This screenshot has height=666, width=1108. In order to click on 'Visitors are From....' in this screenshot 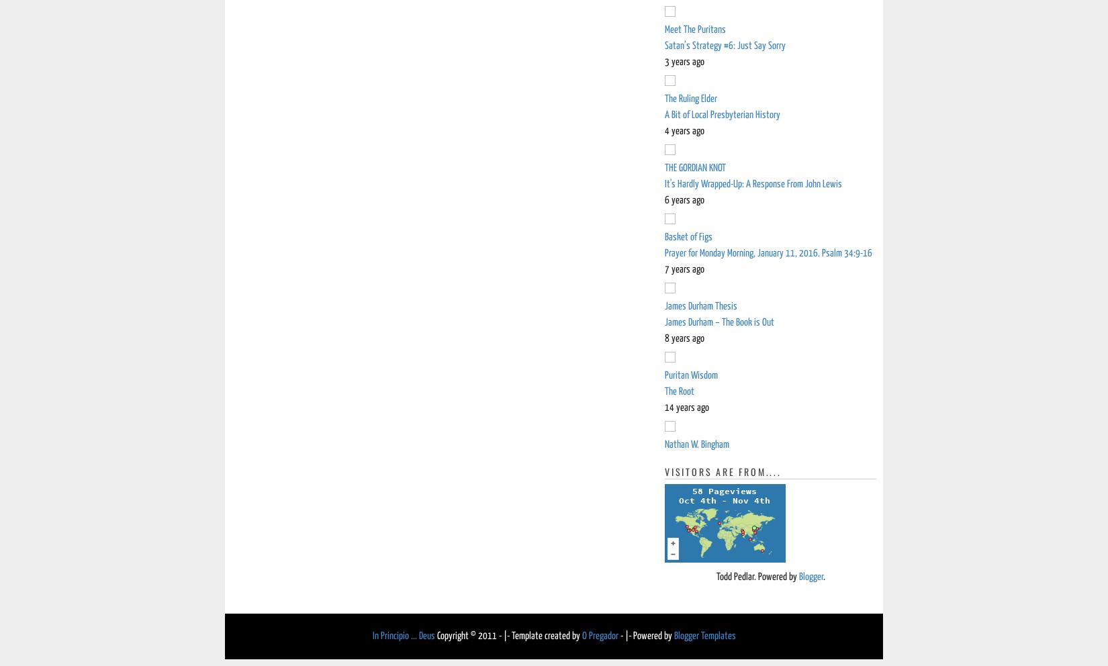, I will do `click(723, 471)`.